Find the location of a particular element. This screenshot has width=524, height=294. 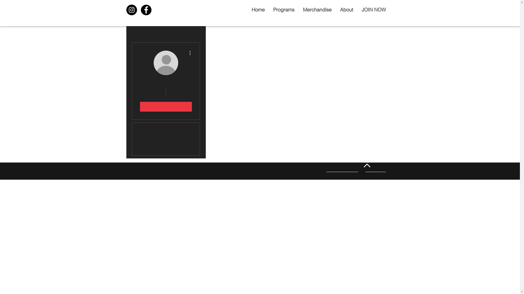

'JOIN NOW' is located at coordinates (373, 10).